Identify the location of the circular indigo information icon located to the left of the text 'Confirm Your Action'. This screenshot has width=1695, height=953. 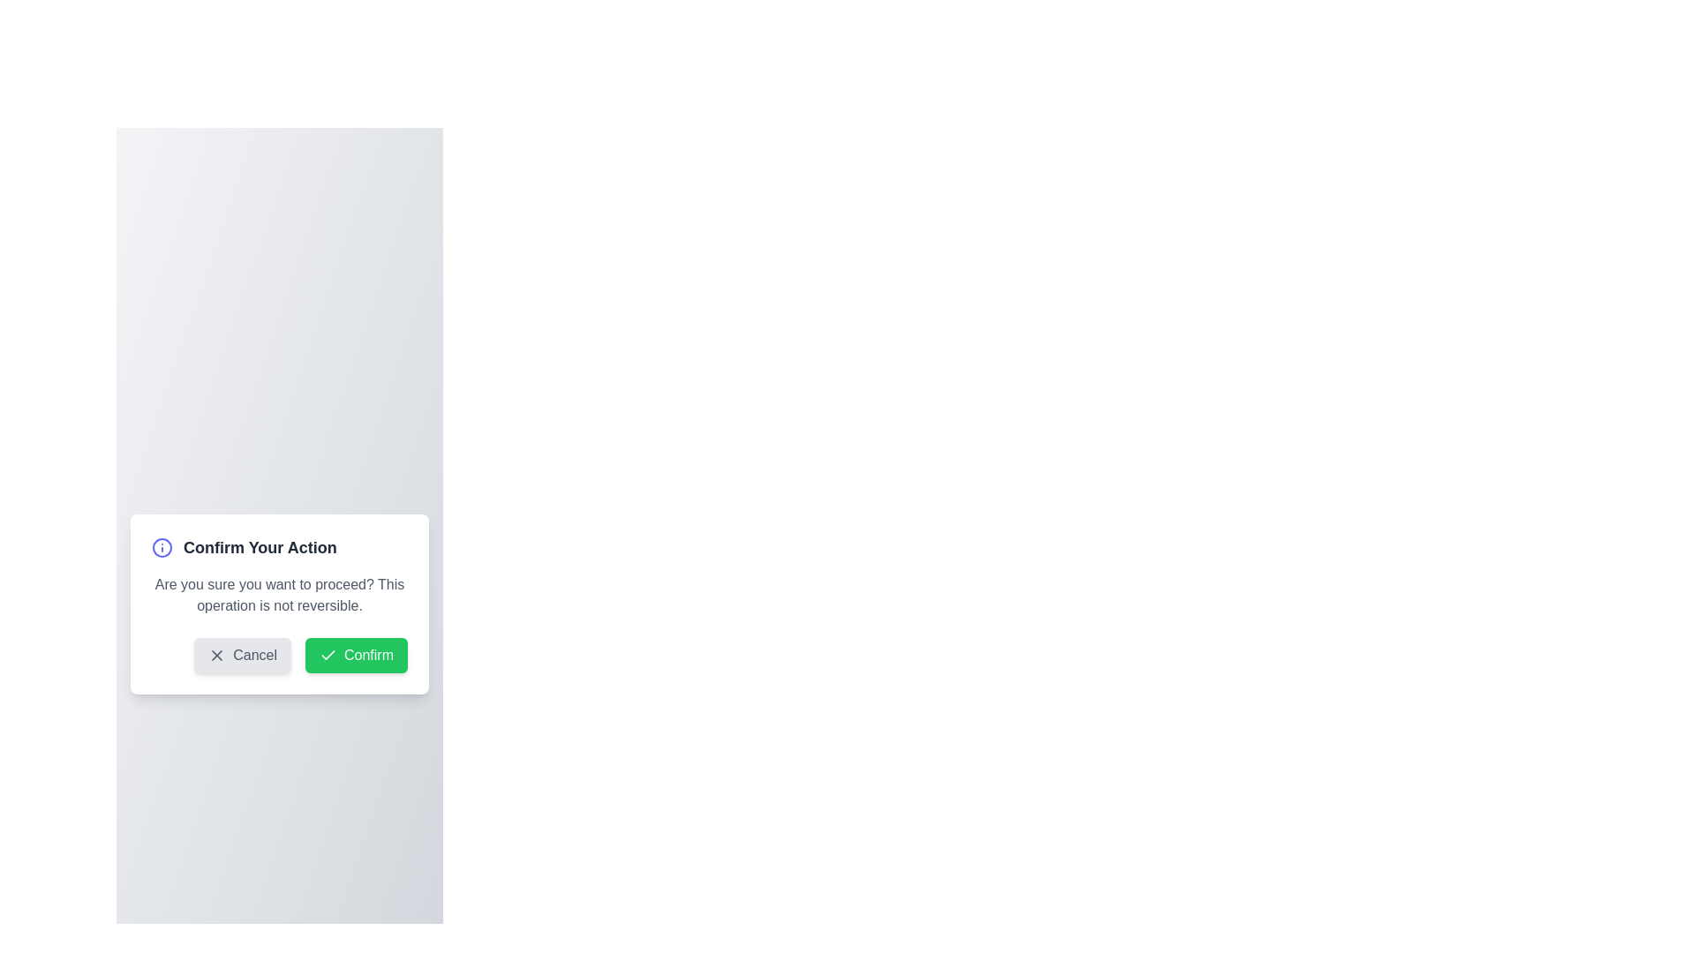
(162, 547).